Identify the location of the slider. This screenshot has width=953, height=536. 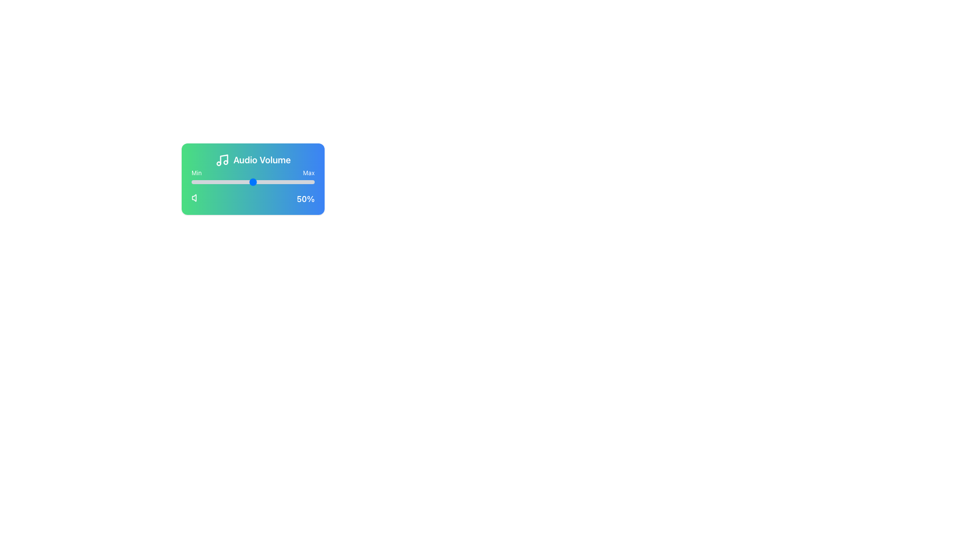
(278, 182).